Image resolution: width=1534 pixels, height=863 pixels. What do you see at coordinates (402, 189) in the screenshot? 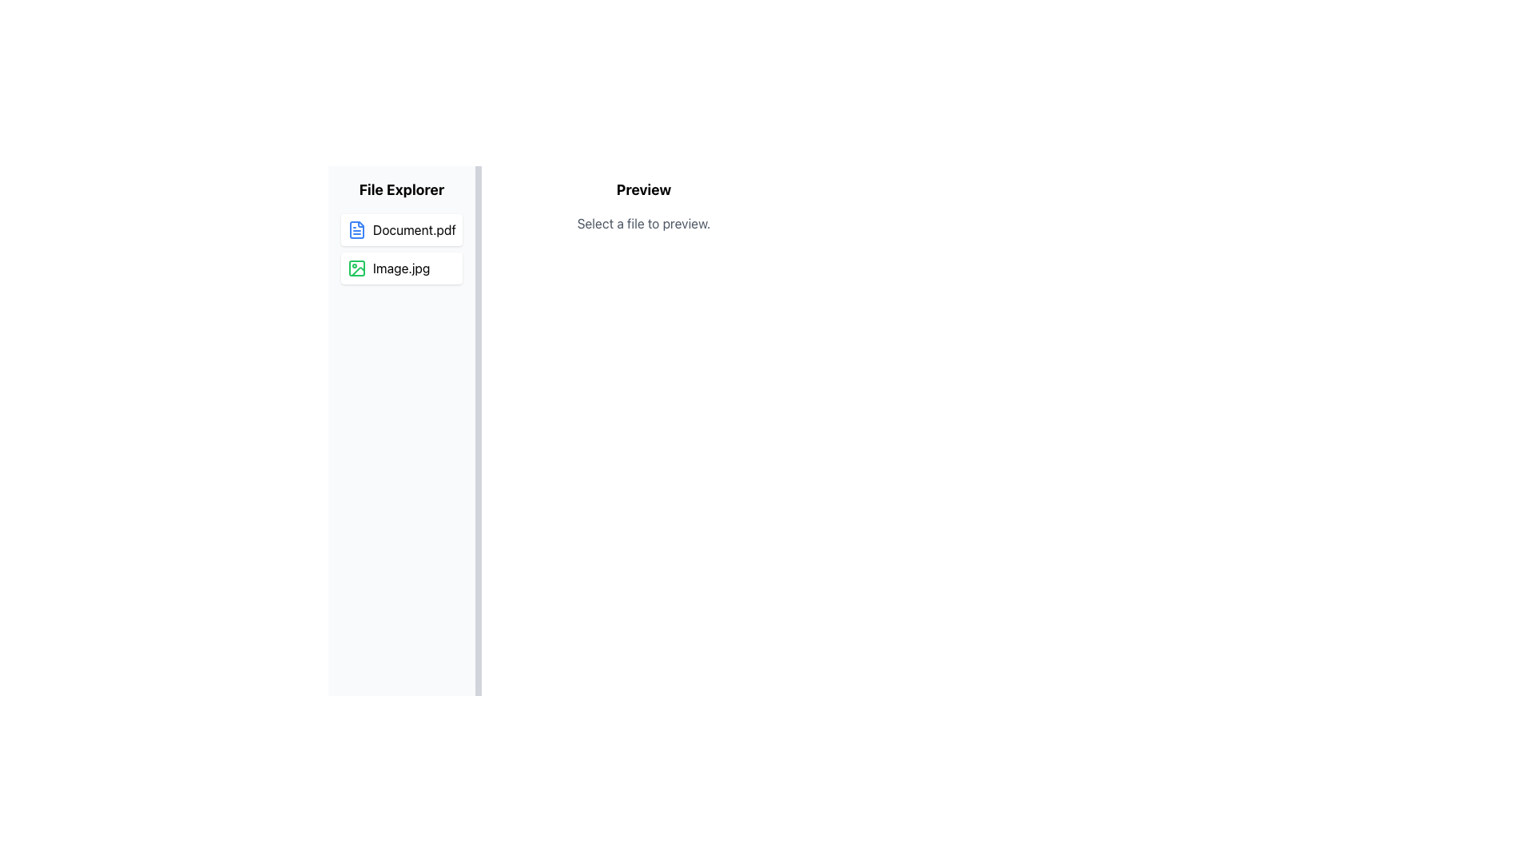
I see `the 'File Explorer' text label, which is a bold, large-sized element located at the top of the sidebar and serves as a header for the file items list` at bounding box center [402, 189].